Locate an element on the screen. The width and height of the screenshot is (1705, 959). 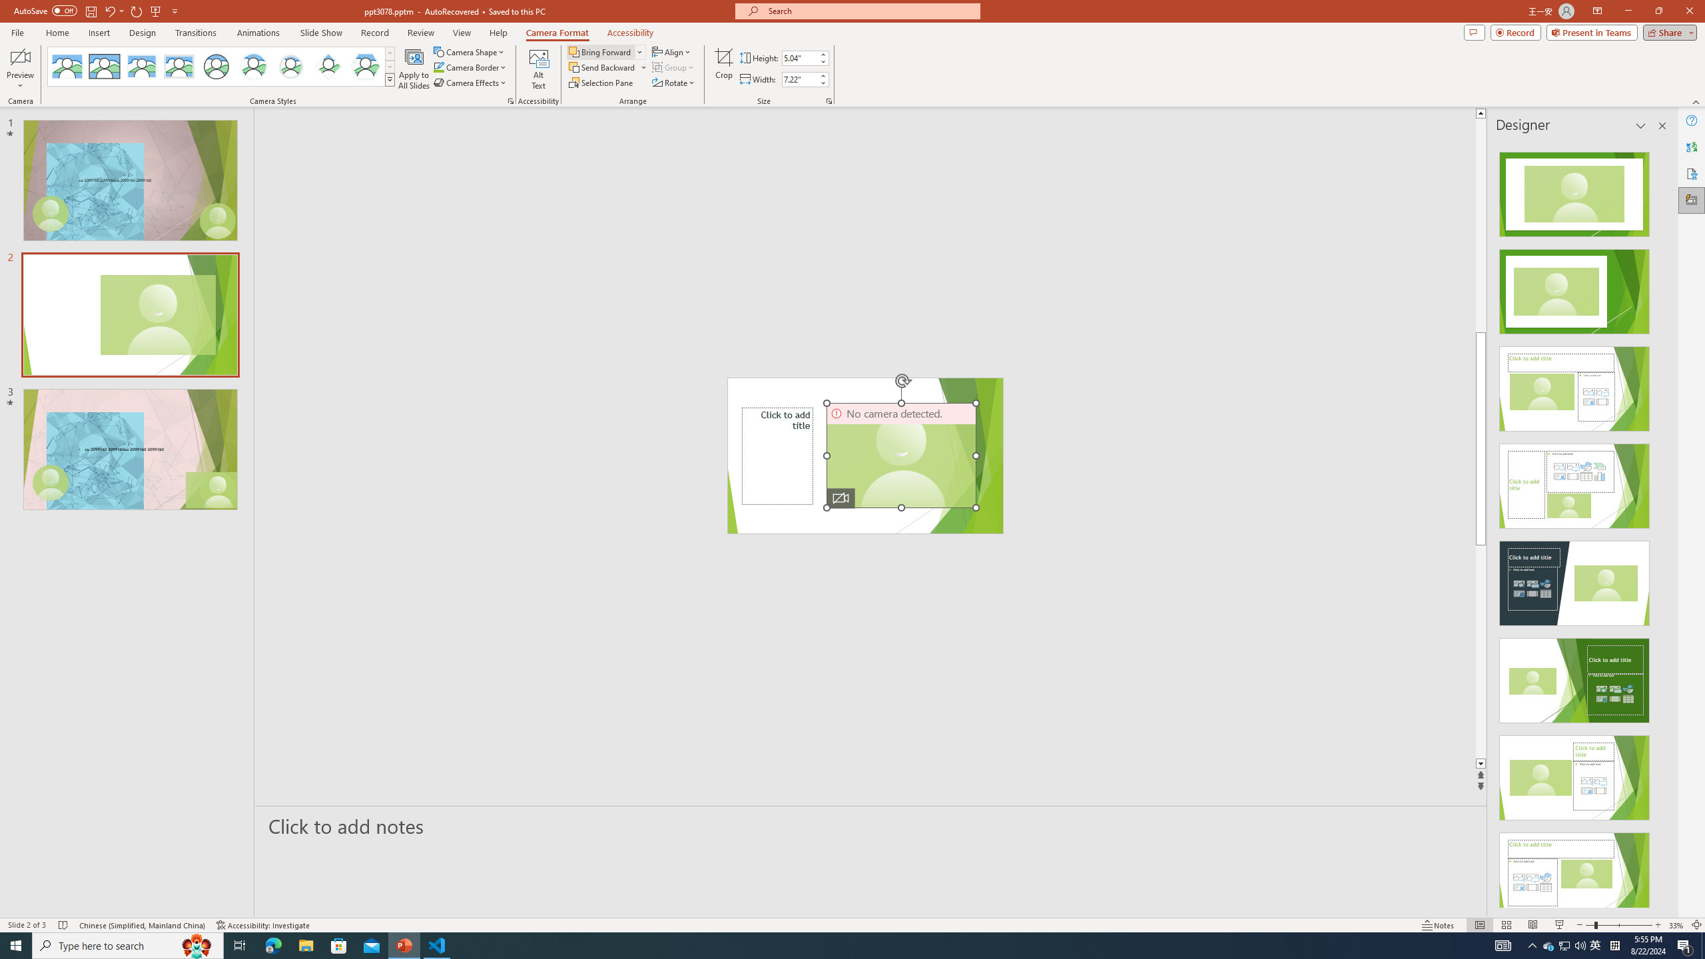
'Camera 3, No camera detected.' is located at coordinates (900, 455).